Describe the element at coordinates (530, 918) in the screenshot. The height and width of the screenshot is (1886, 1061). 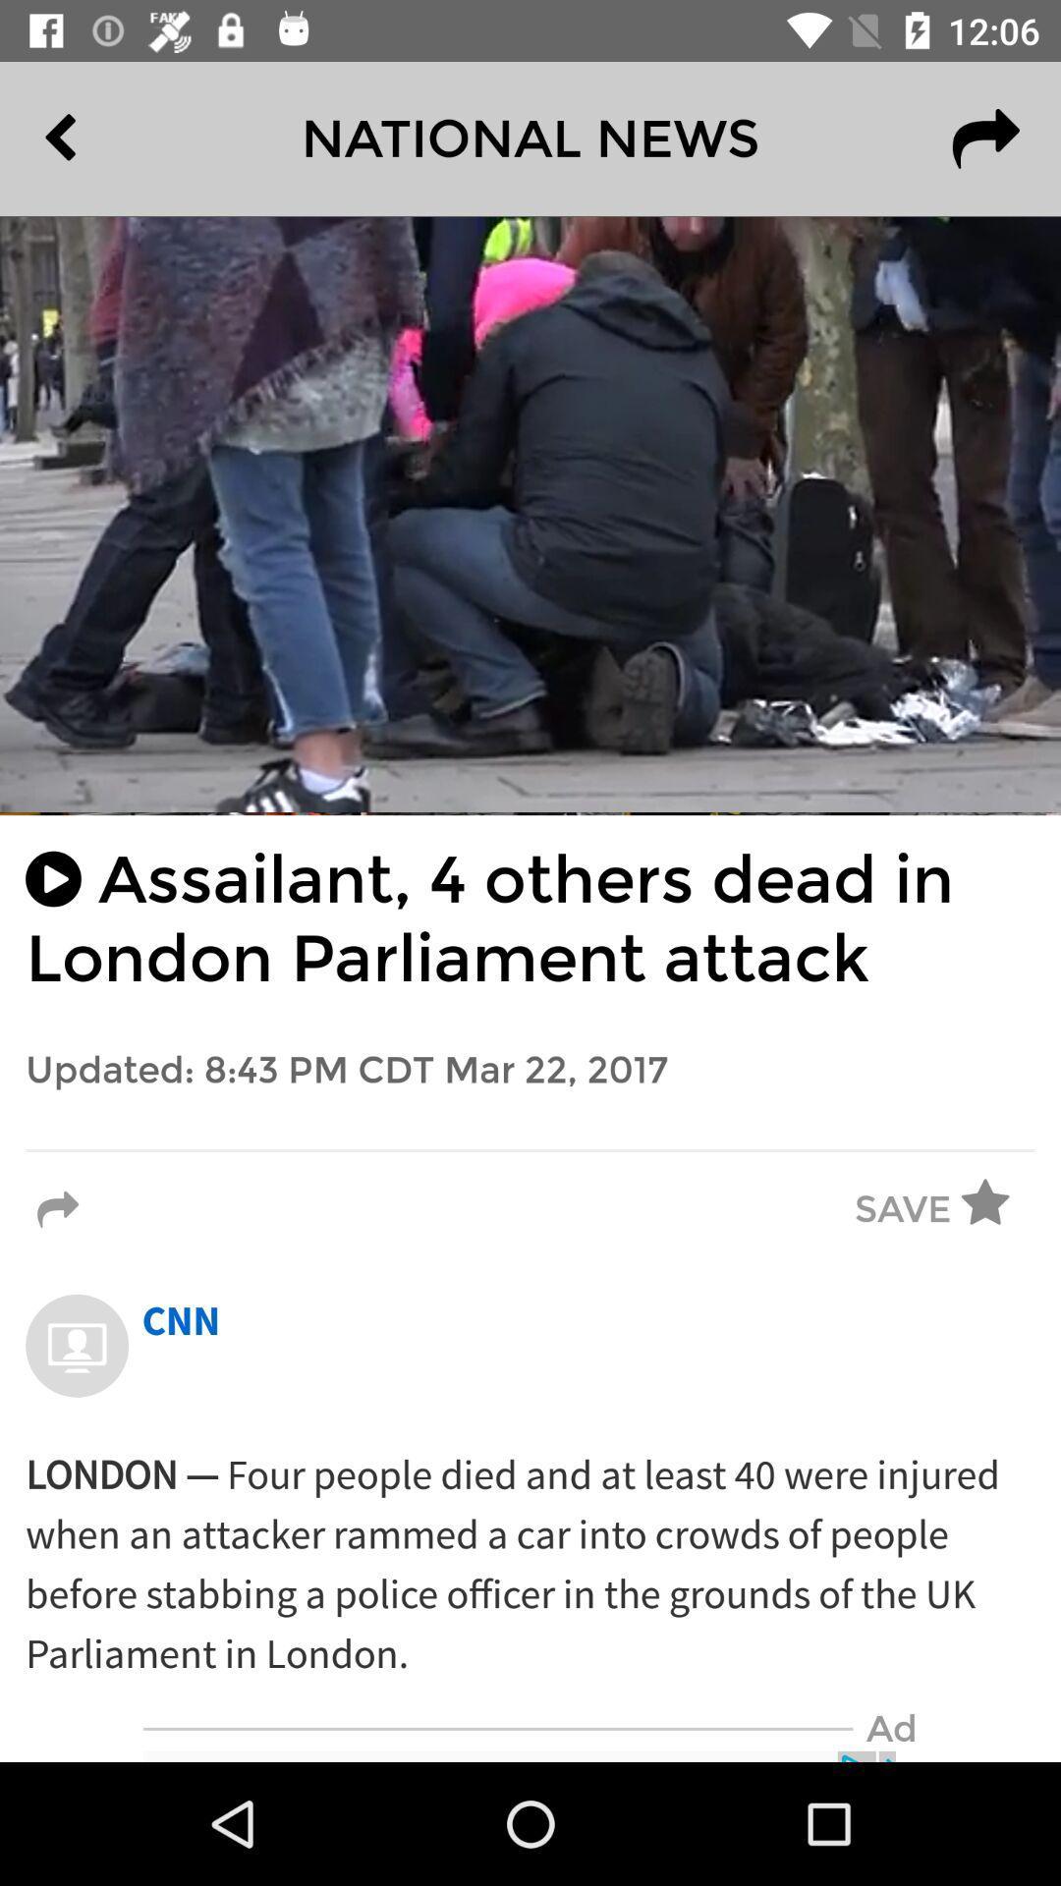
I see `the assailant 4 others` at that location.